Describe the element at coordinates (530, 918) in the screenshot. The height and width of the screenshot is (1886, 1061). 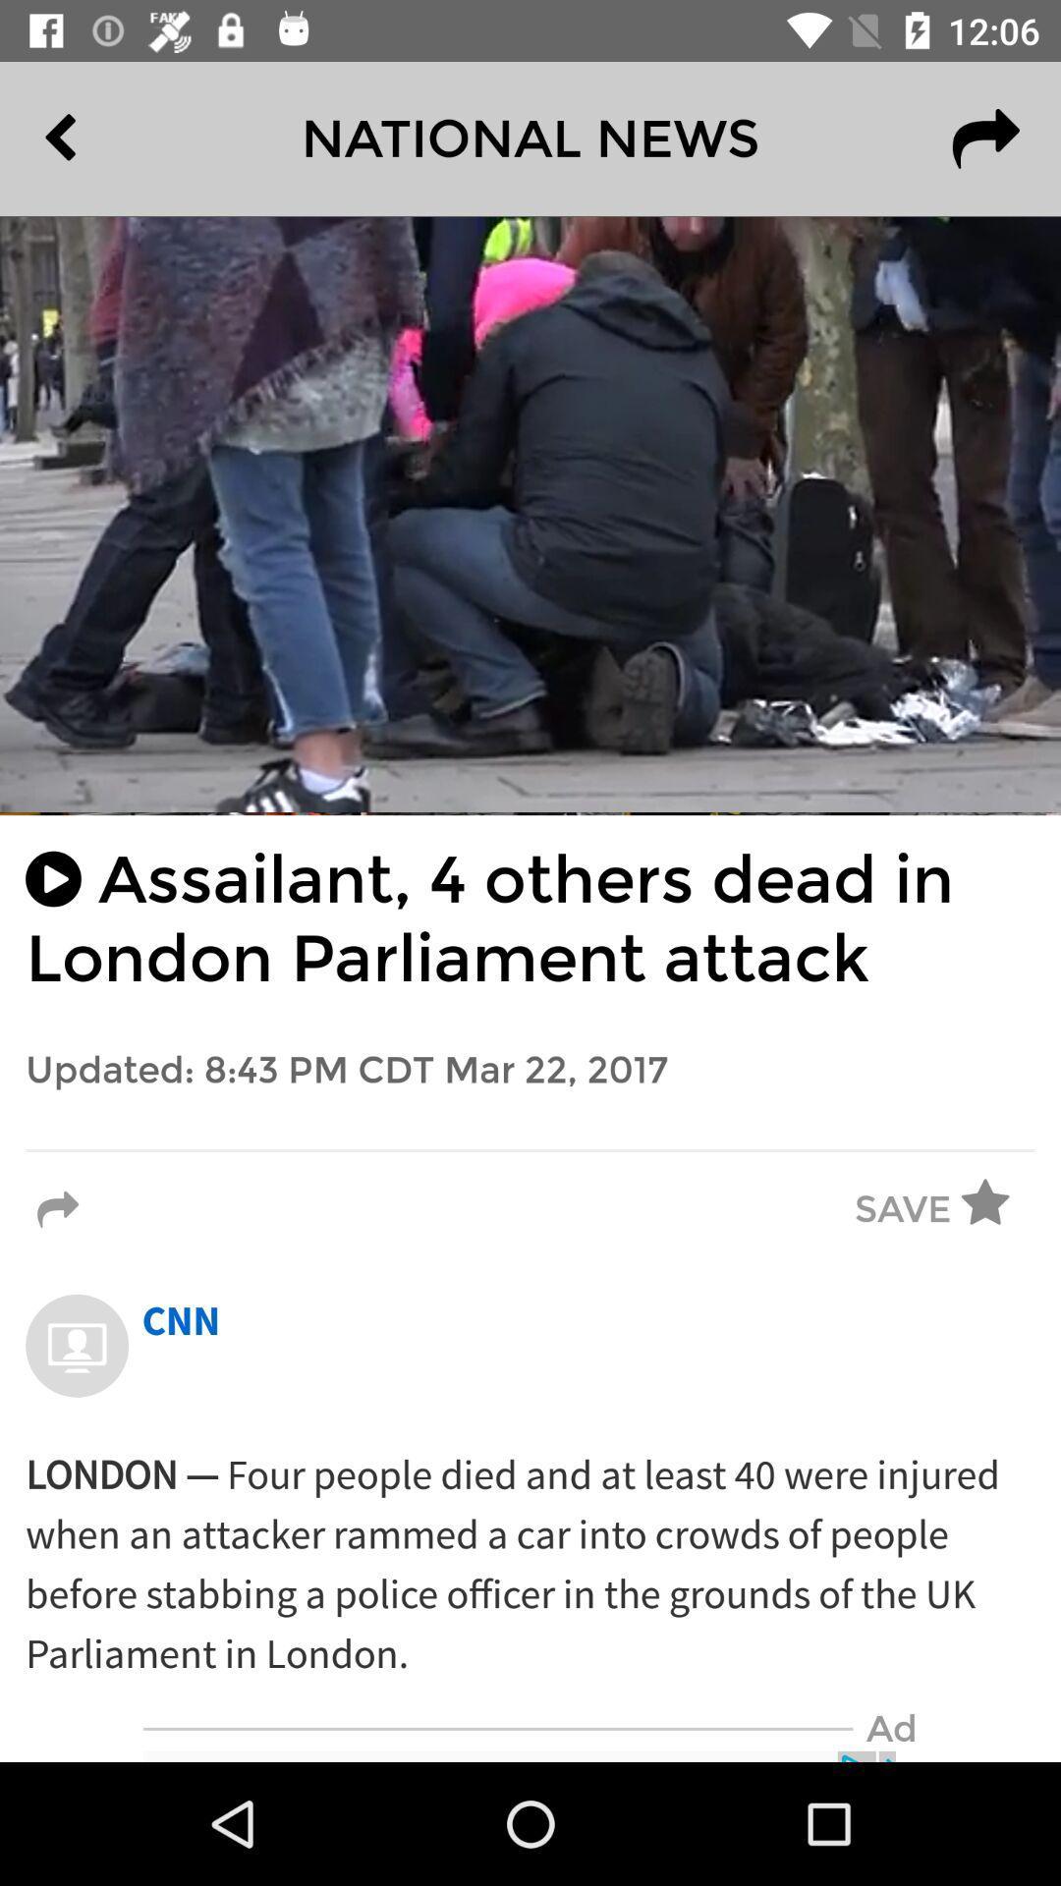
I see `the assailant 4 others` at that location.